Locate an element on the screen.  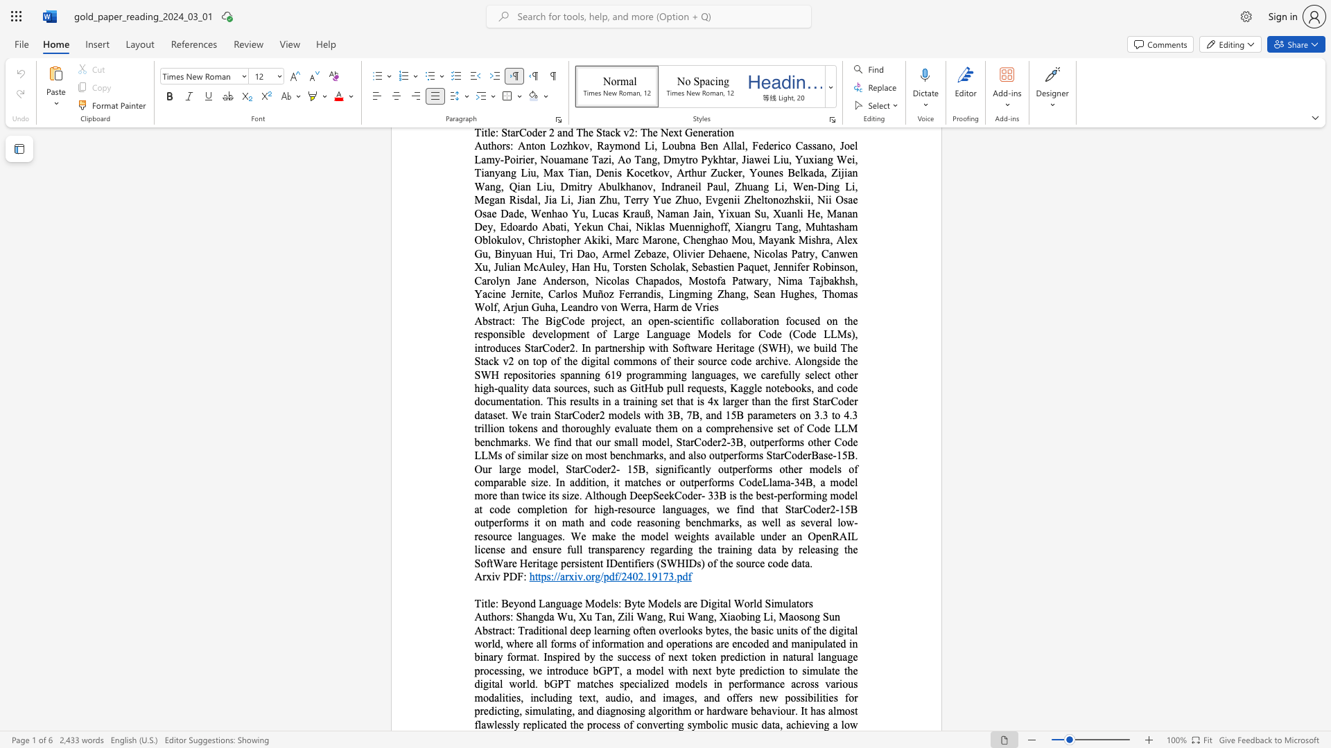
the subset text "forms of information and operations are encoded and manipulated in binary format. Inspired by the success of next token prediction in natural language processing, we introduce bGPT, a model with next byte prediction to simulate the digital world. bGPT matches specialized models in performance across various modalities, including text, audio, and images, and offers new possibilities for predicting, simulating, and diagnosing algorithm or hardware behaviour. It has a" within the text "Traditional deep learning often overlooks bytes, the basic units of the digital world, where all forms of information and operations are encoded and manipulated in binary format. Inspired by the success of next token prediction in natural language processing, we introduce bGPT, a model with next byte prediction to simulate the digital world. bGPT matches specialized models in performance across various modalities, including text, audio, and images, and offers new possibilities for predicting, simulating, and diagnosing algorithm or hardware behaviour. It has almost flawlessly" is located at coordinates (550, 643).